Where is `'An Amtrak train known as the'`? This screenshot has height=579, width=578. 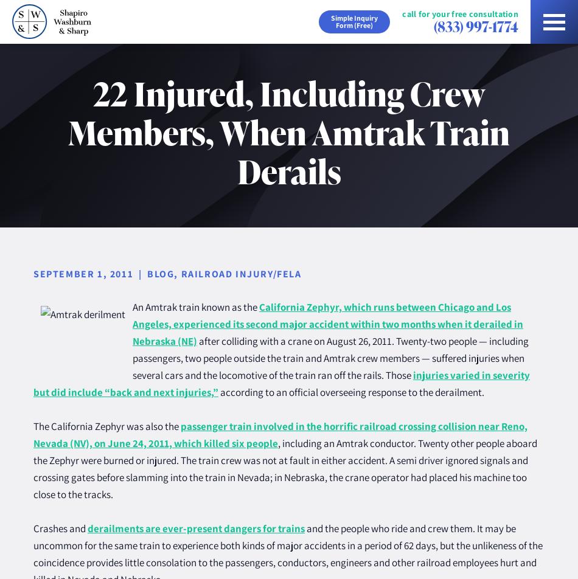 'An Amtrak train known as the' is located at coordinates (195, 307).